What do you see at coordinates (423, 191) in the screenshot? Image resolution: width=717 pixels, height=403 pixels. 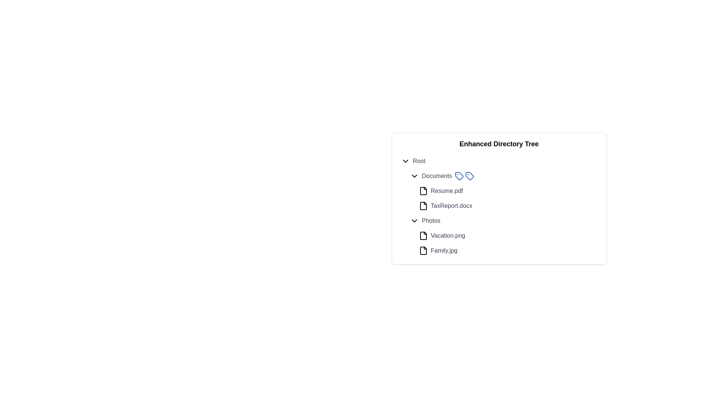 I see `the document icon representing 'Resume.pdf' located in the 'Documents' section of the file directory interface` at bounding box center [423, 191].